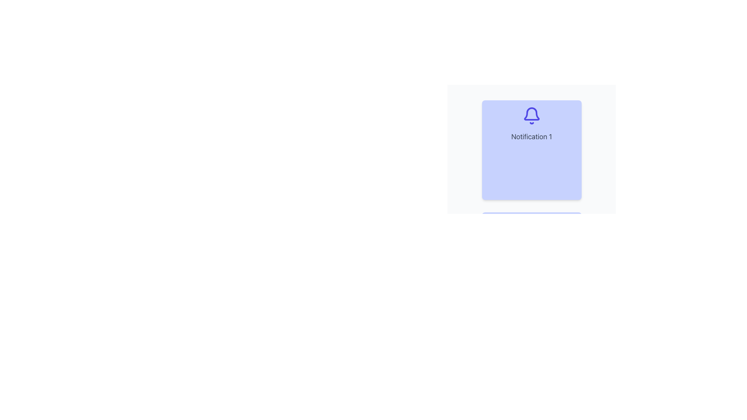  What do you see at coordinates (531, 115) in the screenshot?
I see `the notification bell icon, which is an indigo-colored outline of a bell located at the top center of the notification card marked 'Notification 1'` at bounding box center [531, 115].